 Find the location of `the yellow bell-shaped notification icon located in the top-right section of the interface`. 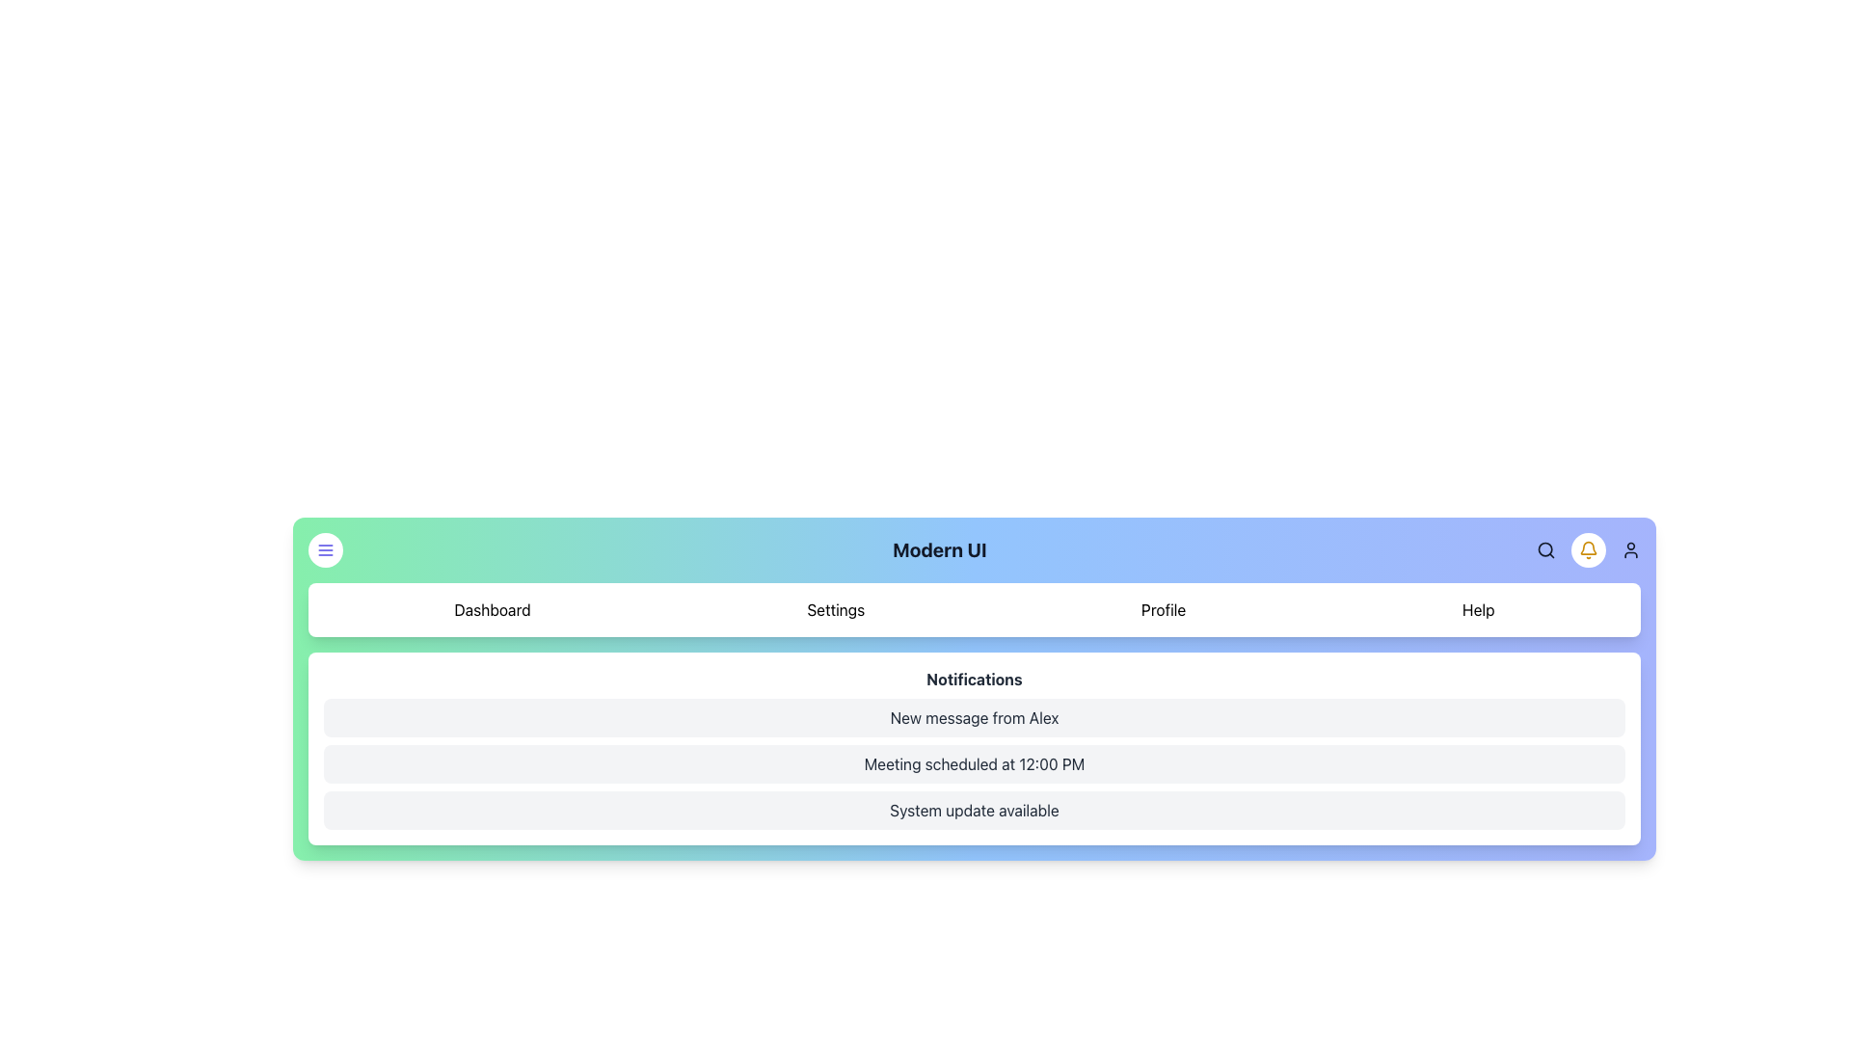

the yellow bell-shaped notification icon located in the top-right section of the interface is located at coordinates (1588, 549).